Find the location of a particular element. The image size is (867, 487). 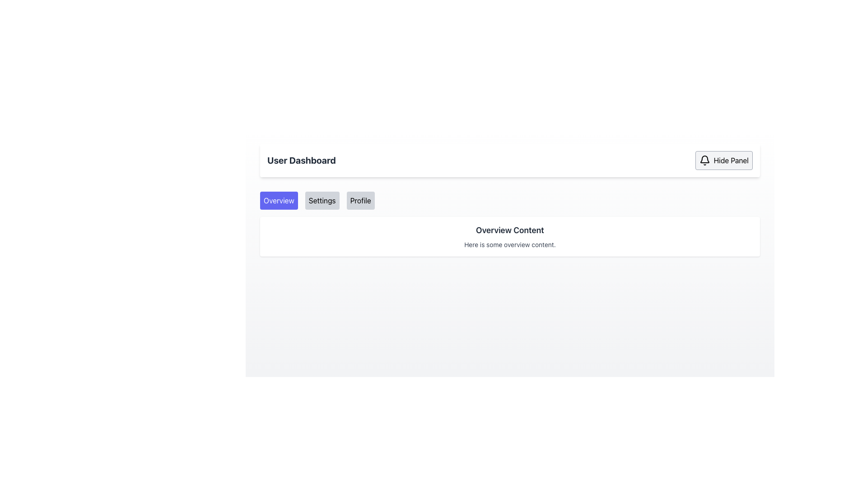

the bell icon that is located to the left of the 'Hide Panel' button, which has a light gray background and a minimalistic design is located at coordinates (704, 160).